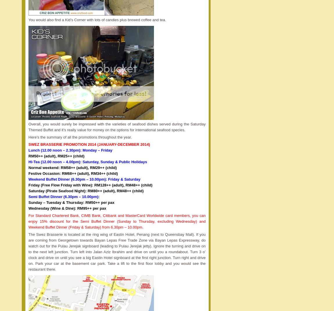  Describe the element at coordinates (117, 127) in the screenshot. I see `'Overall, you would surely be impressed with the varieties of seafood dishes served during the Saturday Themed Buffet and it’s really value for money on the options for international seafood species.'` at that location.